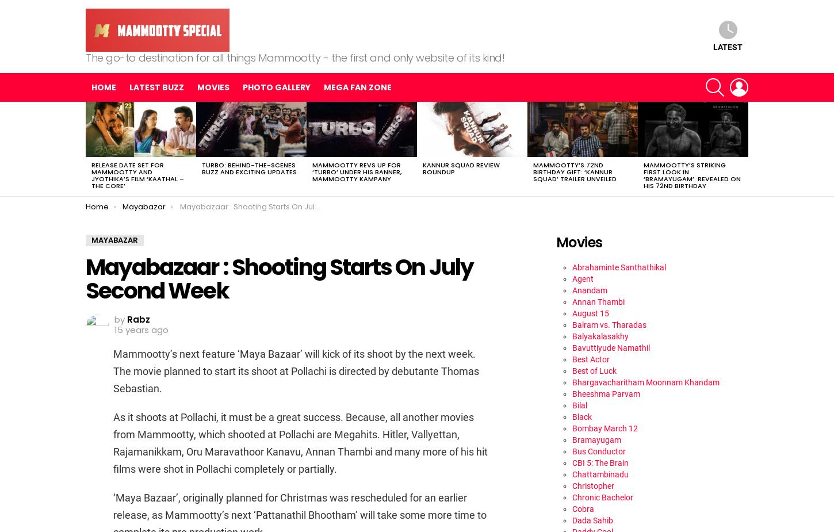 Image resolution: width=834 pixels, height=532 pixels. I want to click on 'Anandam', so click(572, 290).